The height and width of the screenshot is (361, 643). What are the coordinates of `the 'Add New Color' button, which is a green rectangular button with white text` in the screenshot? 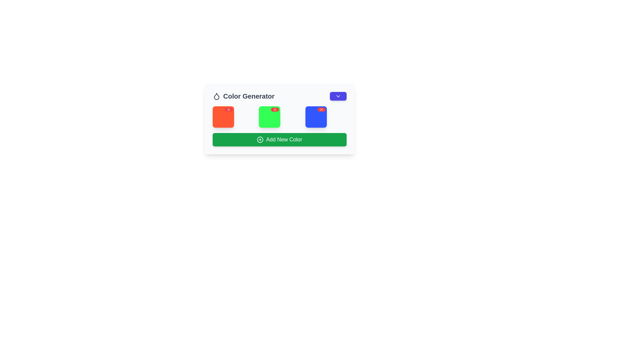 It's located at (284, 139).